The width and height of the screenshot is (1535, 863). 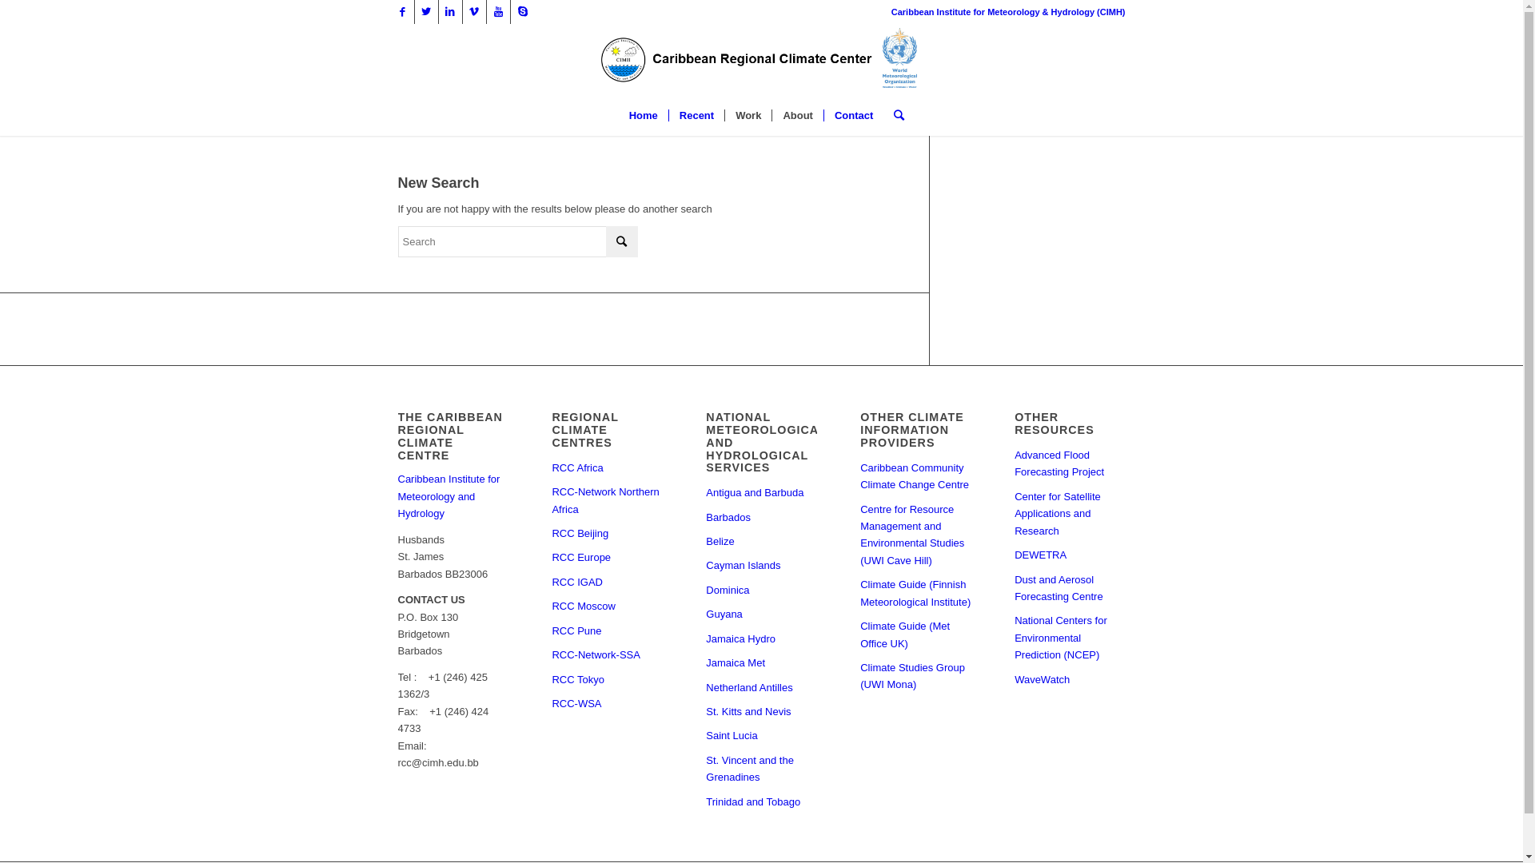 I want to click on 'Belize', so click(x=760, y=541).